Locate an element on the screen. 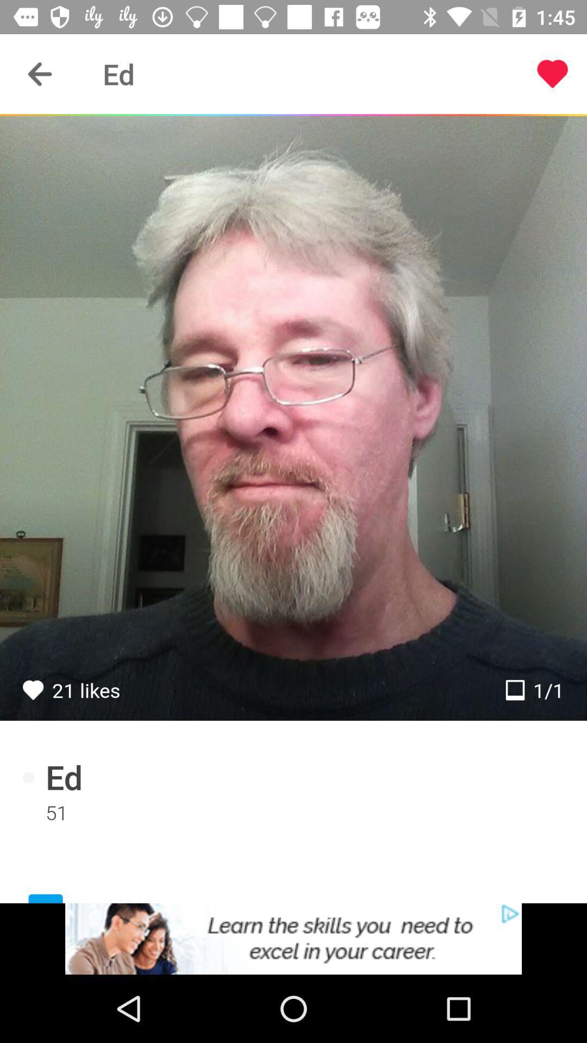 Image resolution: width=587 pixels, height=1043 pixels. advertisements image is located at coordinates (293, 938).